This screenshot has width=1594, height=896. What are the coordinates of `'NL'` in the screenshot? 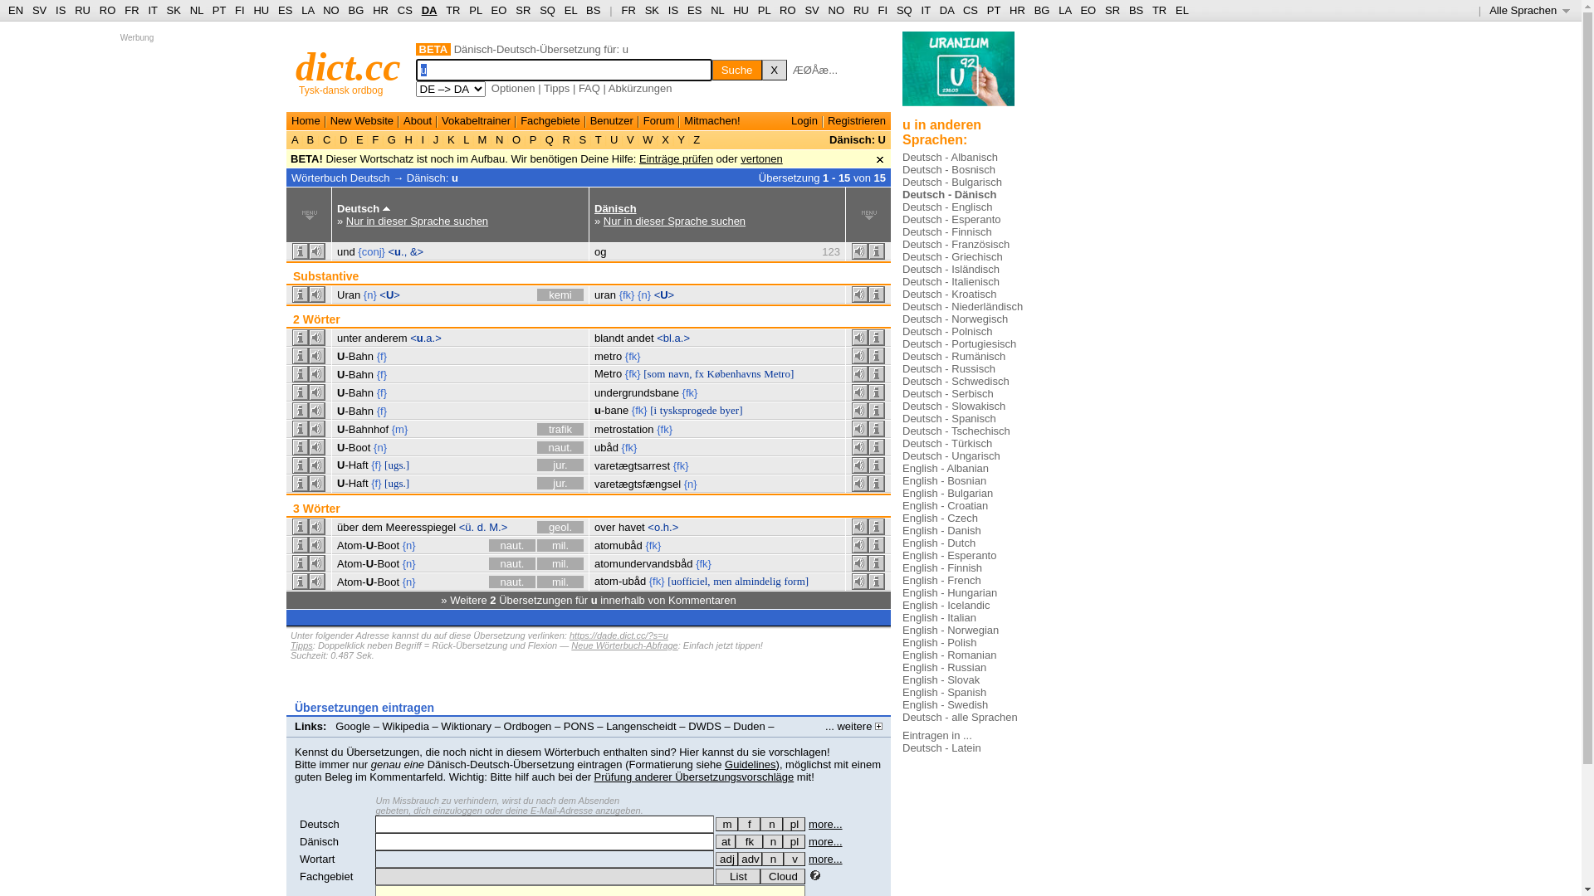 It's located at (196, 10).